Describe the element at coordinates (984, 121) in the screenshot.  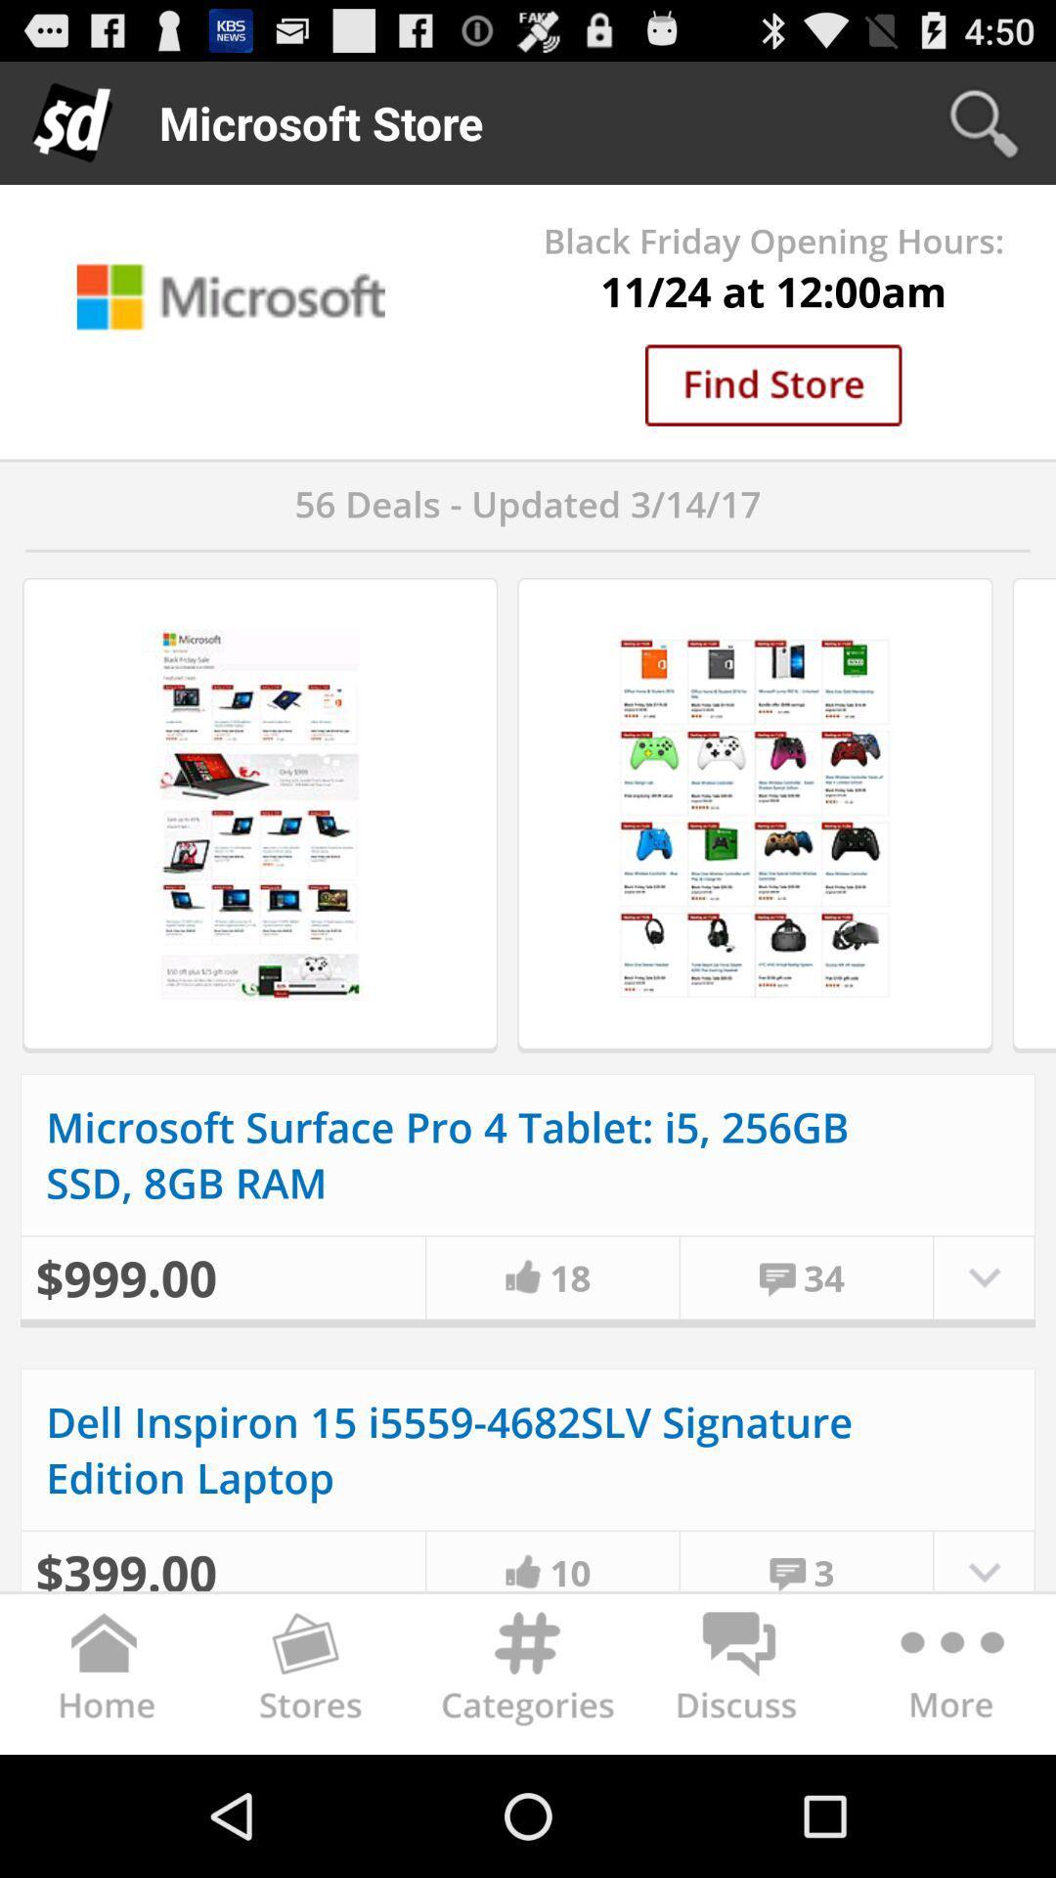
I see `the search icon` at that location.